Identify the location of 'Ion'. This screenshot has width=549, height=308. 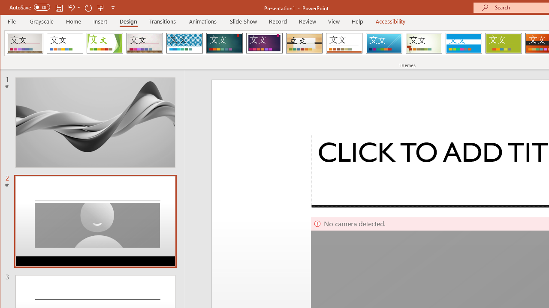
(224, 43).